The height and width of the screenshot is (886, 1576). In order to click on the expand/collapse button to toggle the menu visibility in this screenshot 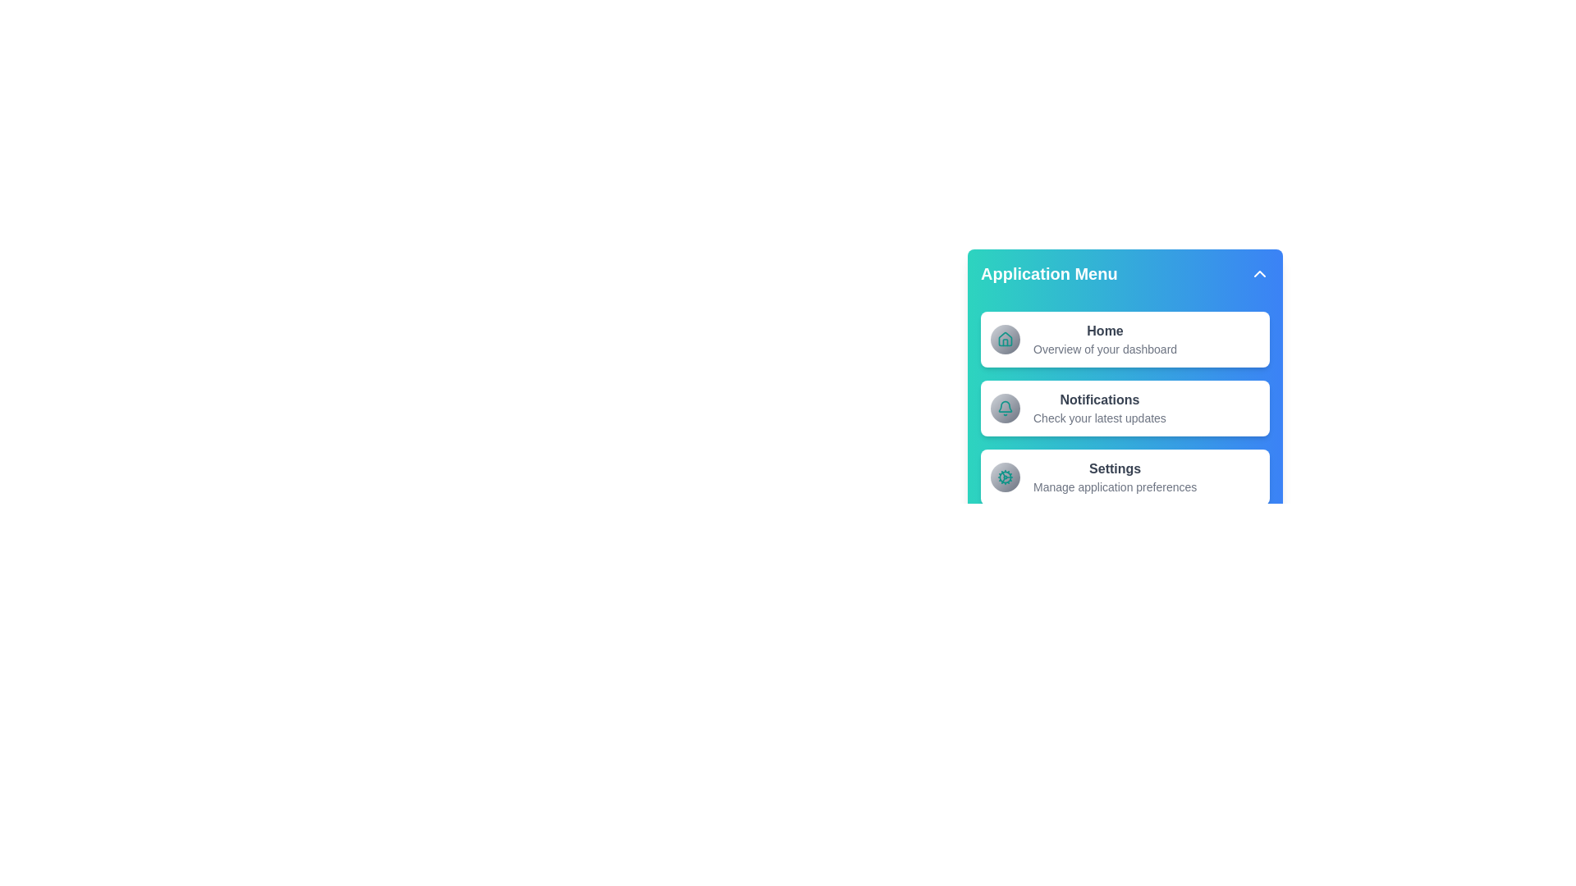, I will do `click(1259, 273)`.